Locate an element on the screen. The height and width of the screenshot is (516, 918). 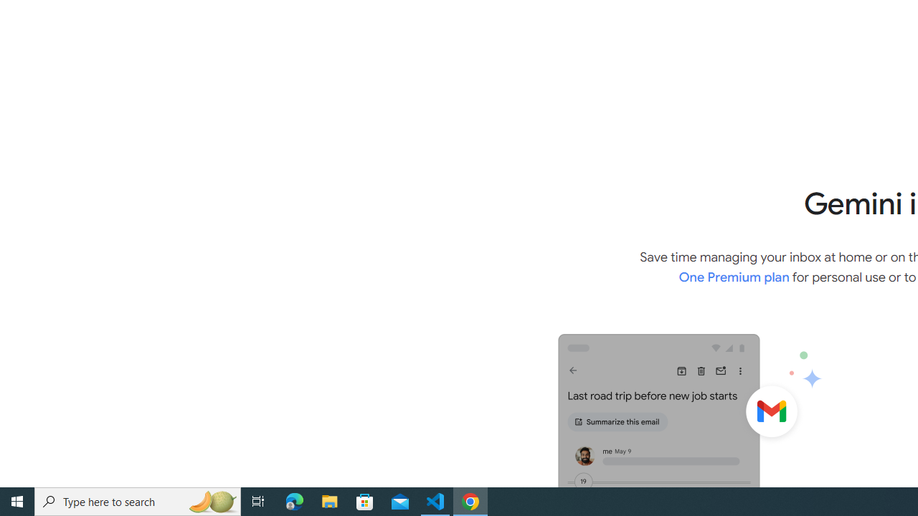
'File Explorer' is located at coordinates (329, 500).